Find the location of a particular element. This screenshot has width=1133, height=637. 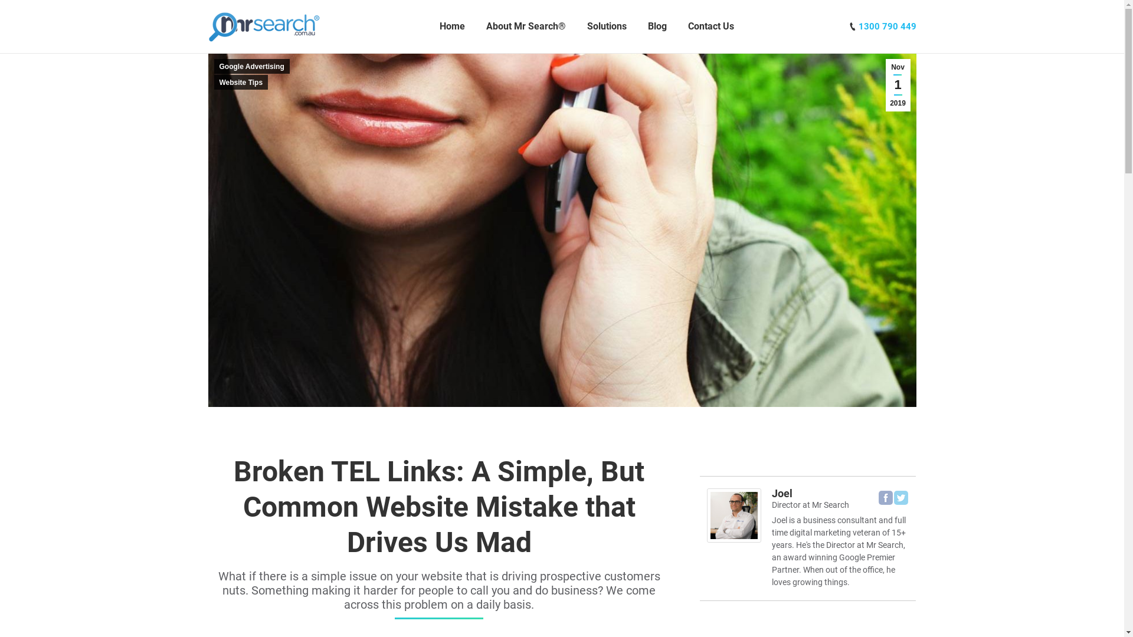

'Contact Us' is located at coordinates (710, 27).